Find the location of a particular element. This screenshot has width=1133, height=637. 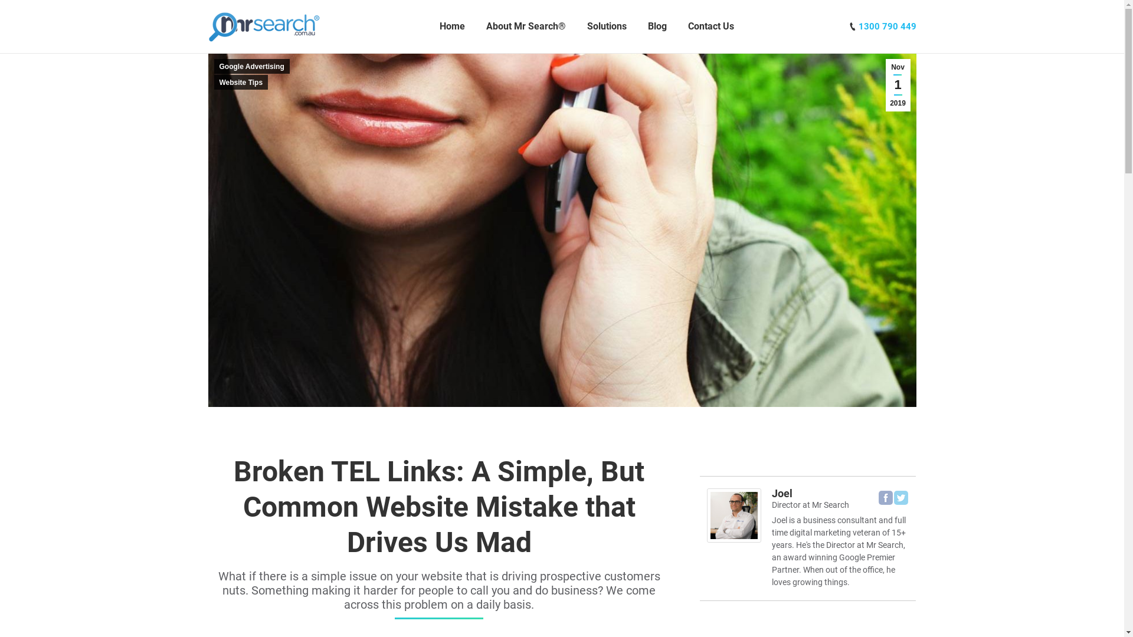

'Contact Us' is located at coordinates (710, 27).